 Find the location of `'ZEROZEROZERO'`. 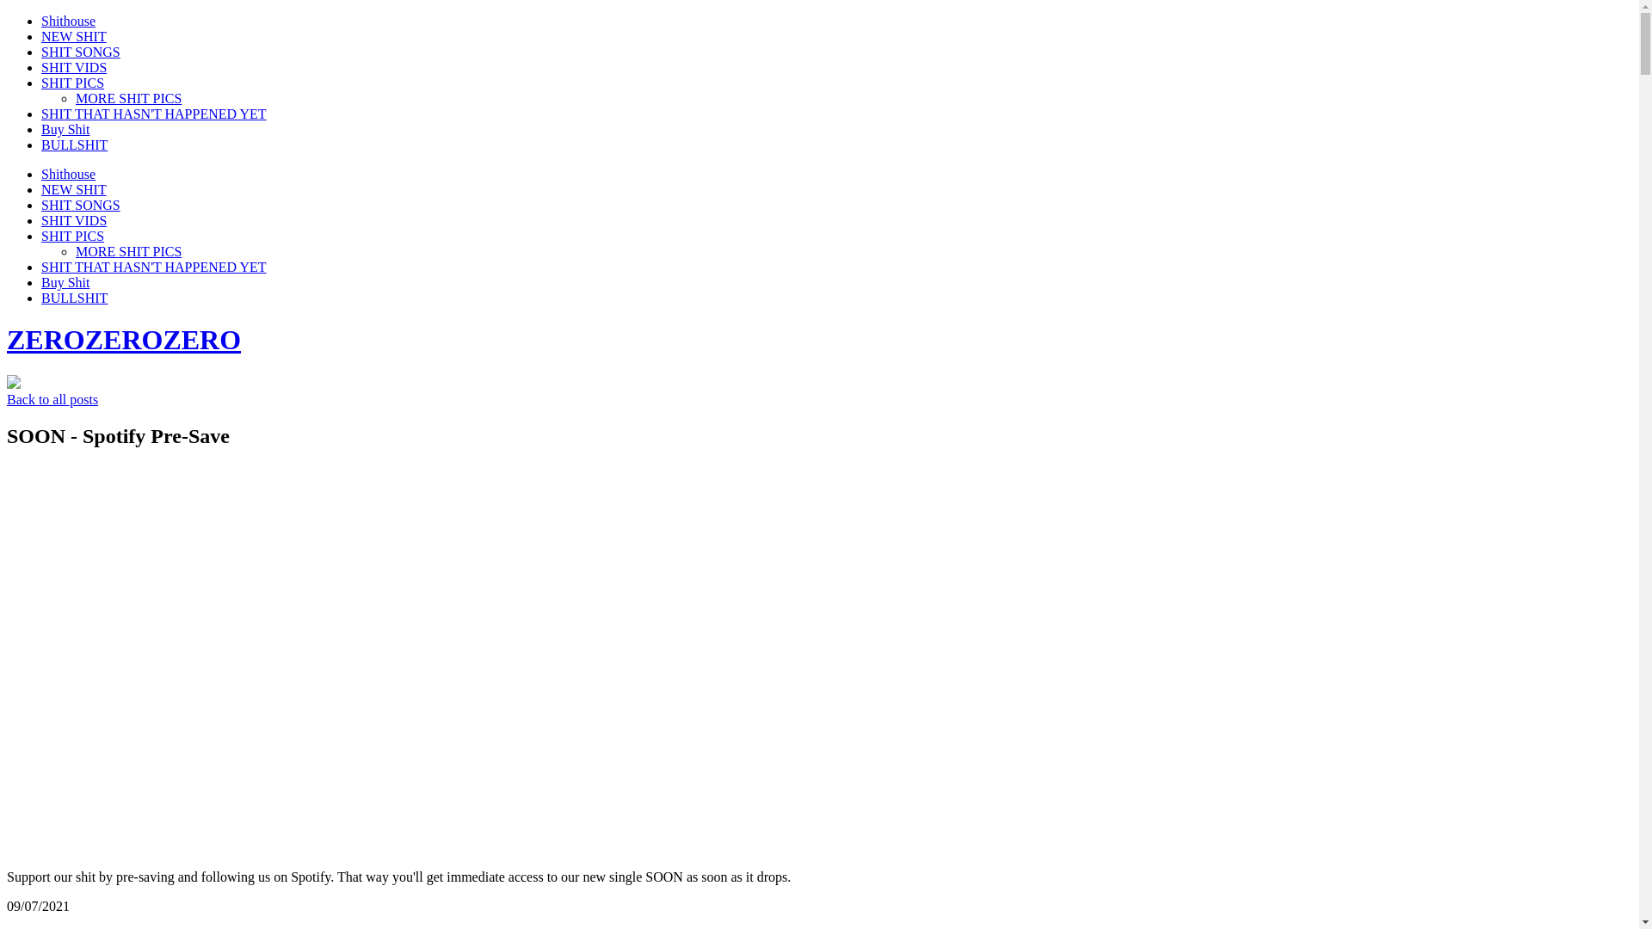

'ZEROZEROZERO' is located at coordinates (123, 339).